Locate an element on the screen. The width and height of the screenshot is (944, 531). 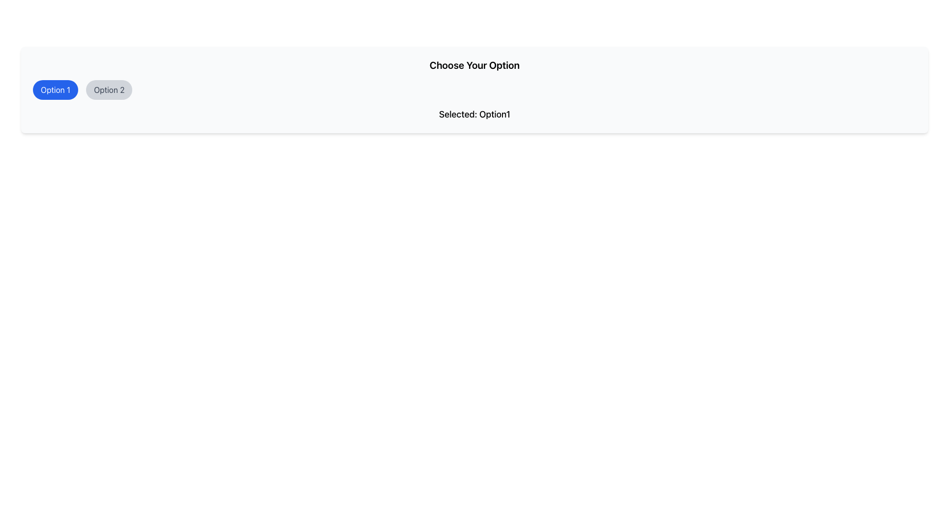
the button labeled 'Option 2' is located at coordinates (109, 89).